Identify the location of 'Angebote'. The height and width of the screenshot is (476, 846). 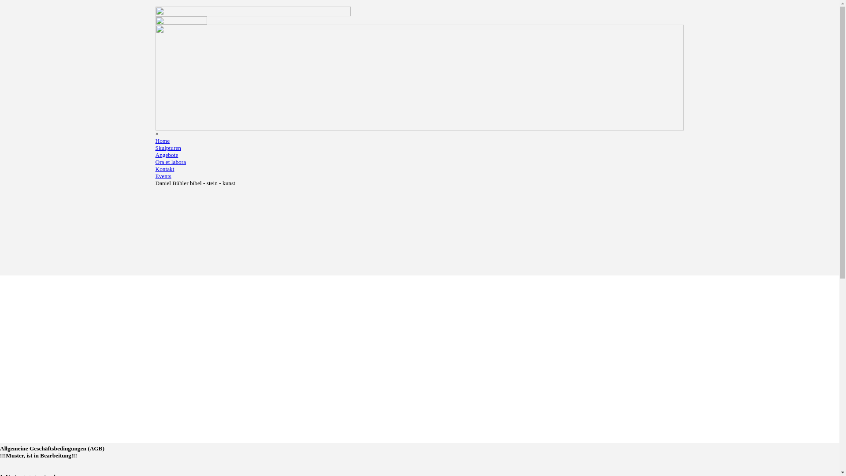
(155, 154).